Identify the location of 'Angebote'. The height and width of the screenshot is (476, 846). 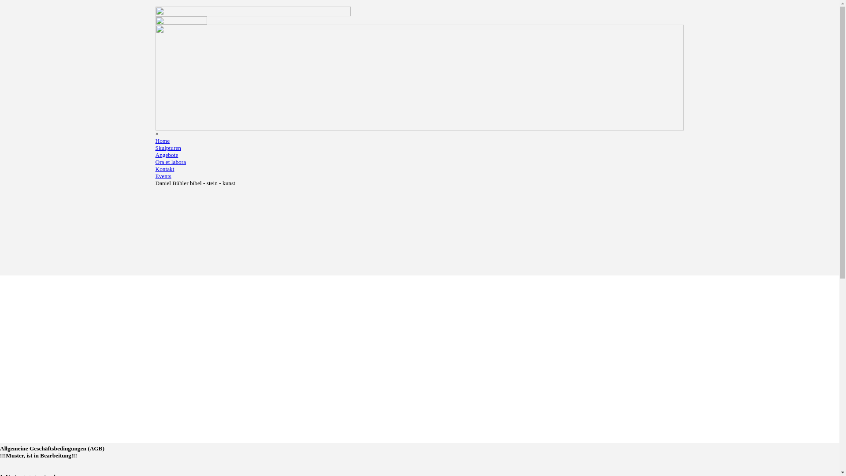
(155, 154).